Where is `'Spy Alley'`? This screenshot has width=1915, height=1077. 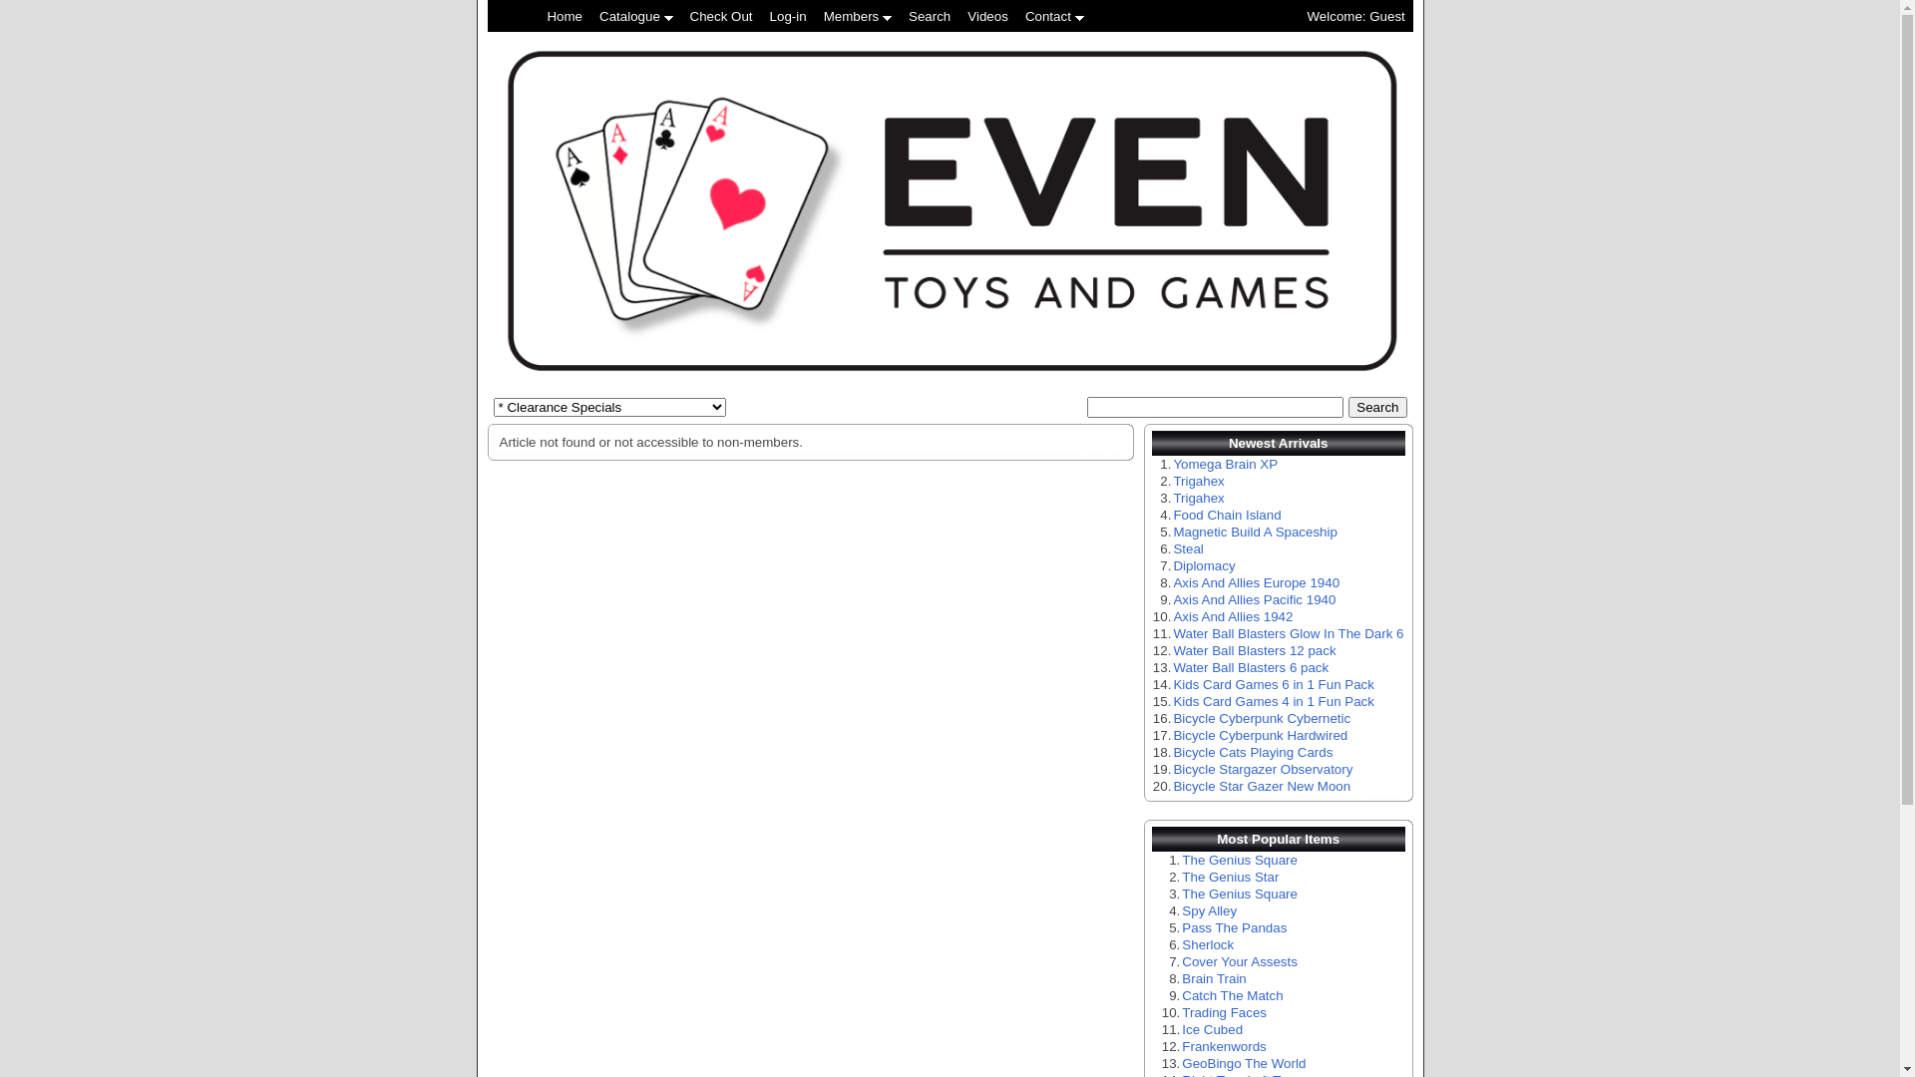 'Spy Alley' is located at coordinates (1182, 910).